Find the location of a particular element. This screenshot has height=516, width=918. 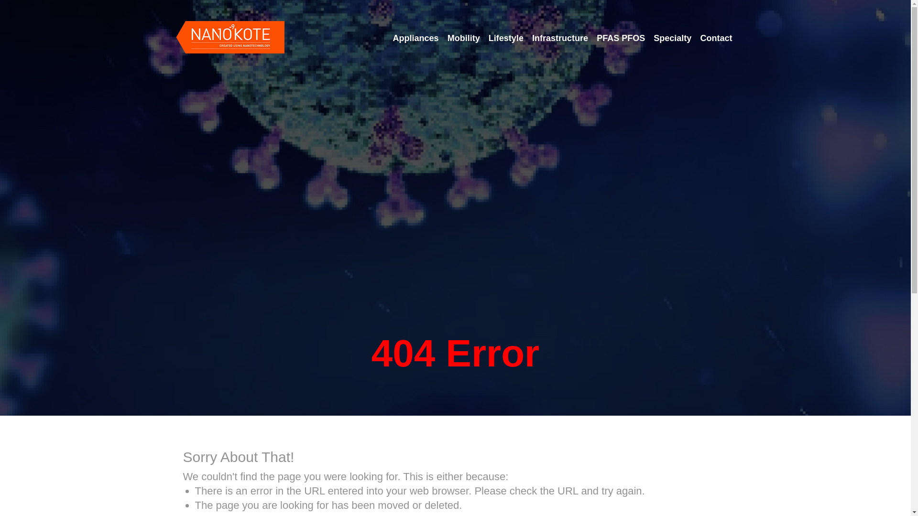

'PFAS PFOS' is located at coordinates (593, 38).